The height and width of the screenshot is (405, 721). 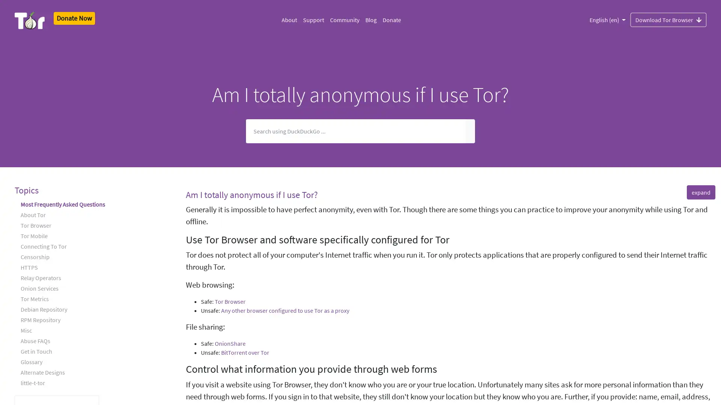 What do you see at coordinates (93, 246) in the screenshot?
I see `Connecting To Tor` at bounding box center [93, 246].